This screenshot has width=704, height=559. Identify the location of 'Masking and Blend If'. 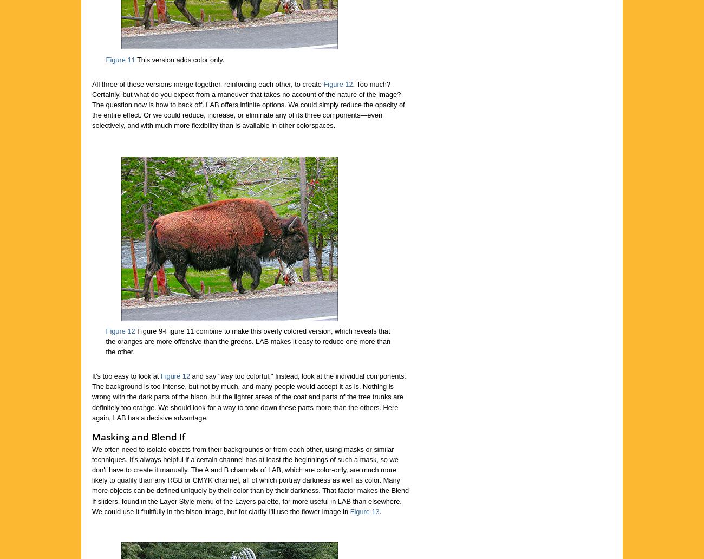
(138, 436).